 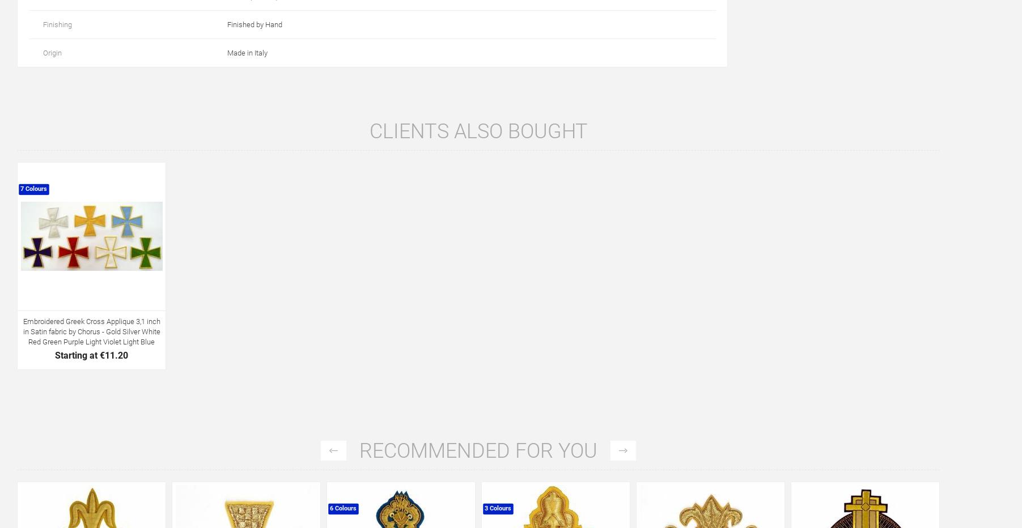 What do you see at coordinates (247, 52) in the screenshot?
I see `'Made in Italy'` at bounding box center [247, 52].